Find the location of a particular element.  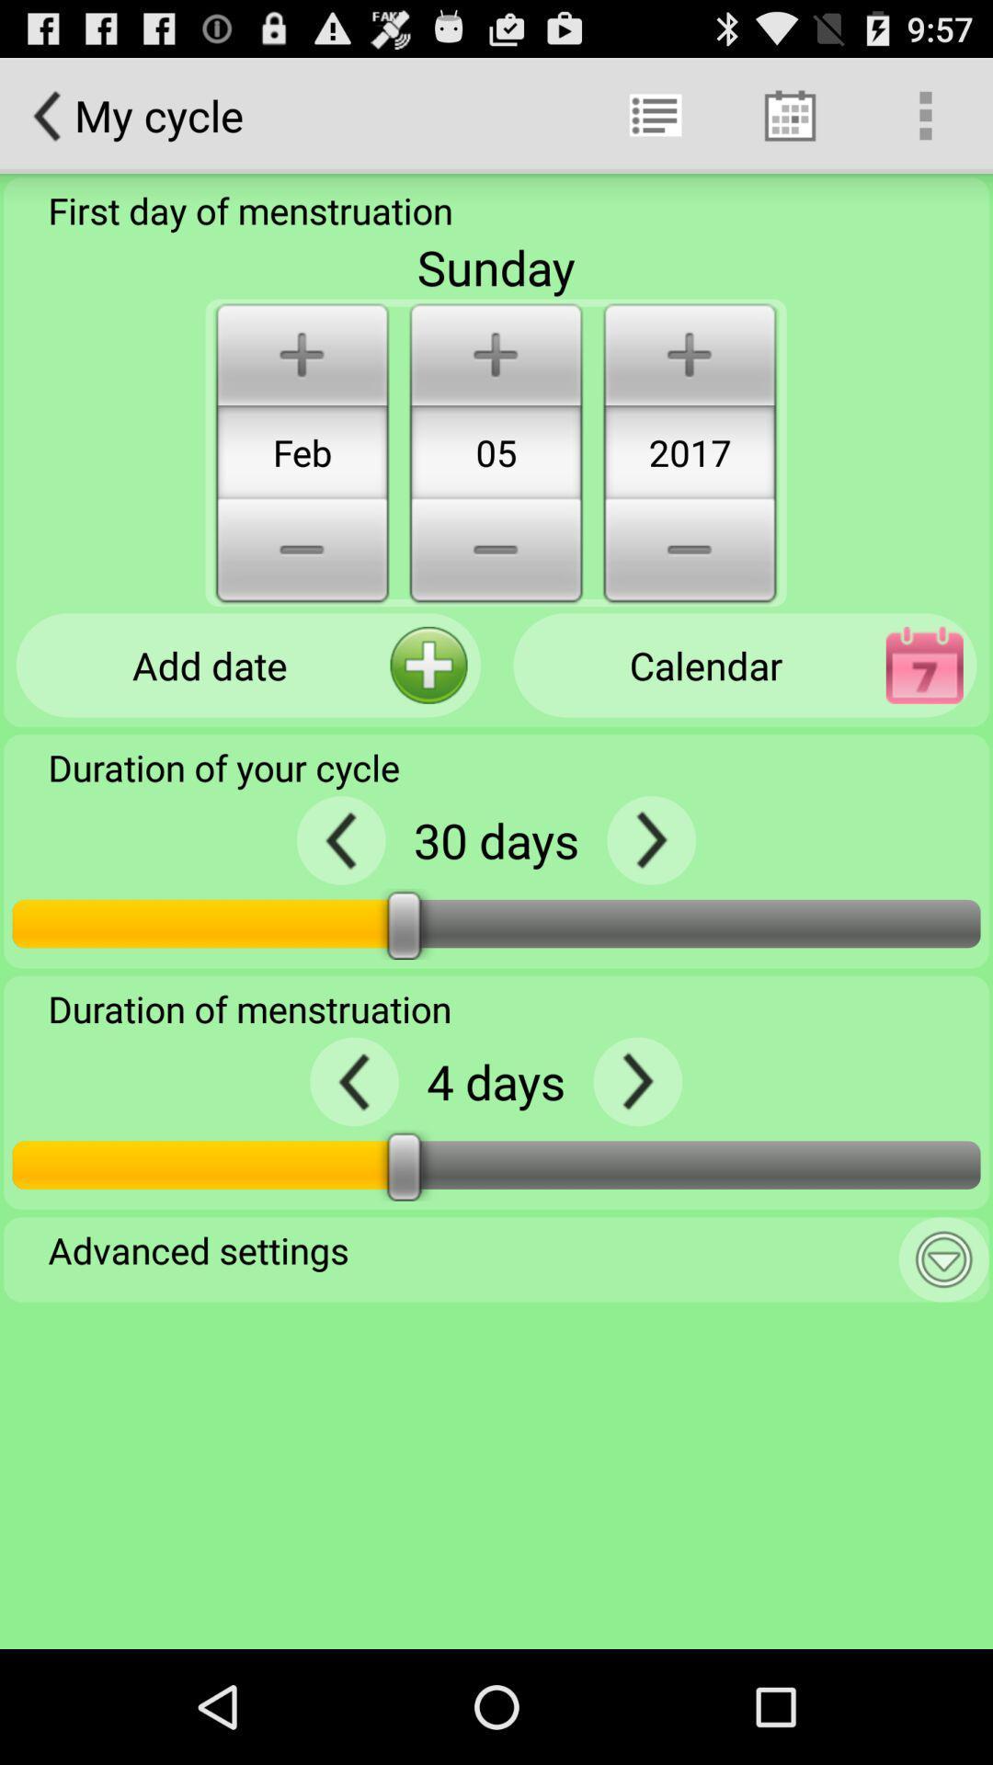

the button calendar on the web page is located at coordinates (745, 665).